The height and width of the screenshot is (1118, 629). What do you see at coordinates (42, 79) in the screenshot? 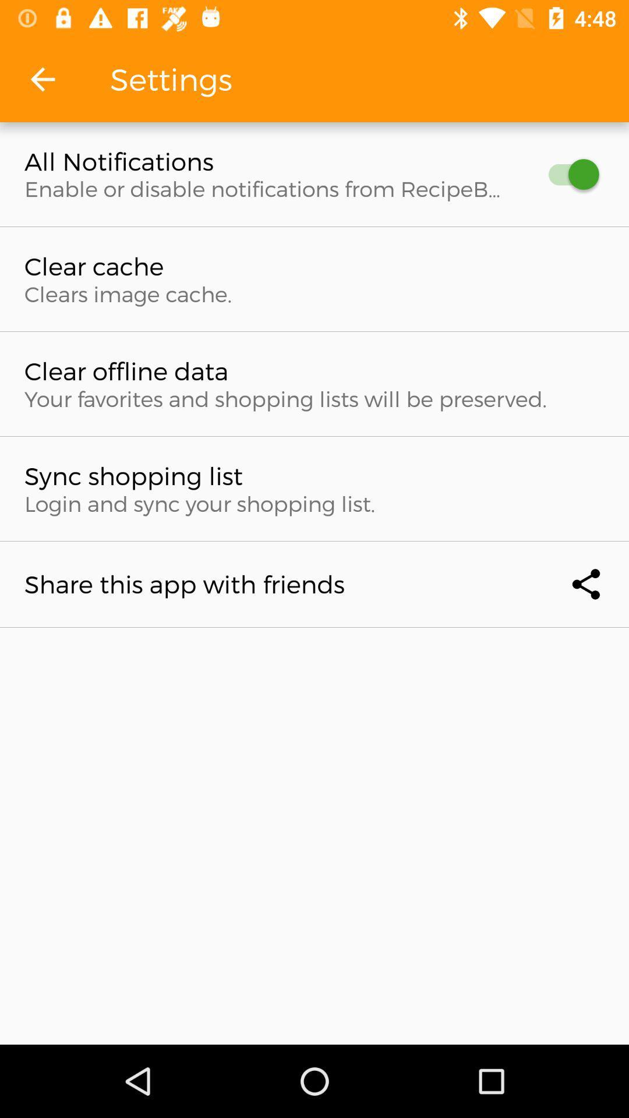
I see `the app to the left of settings item` at bounding box center [42, 79].